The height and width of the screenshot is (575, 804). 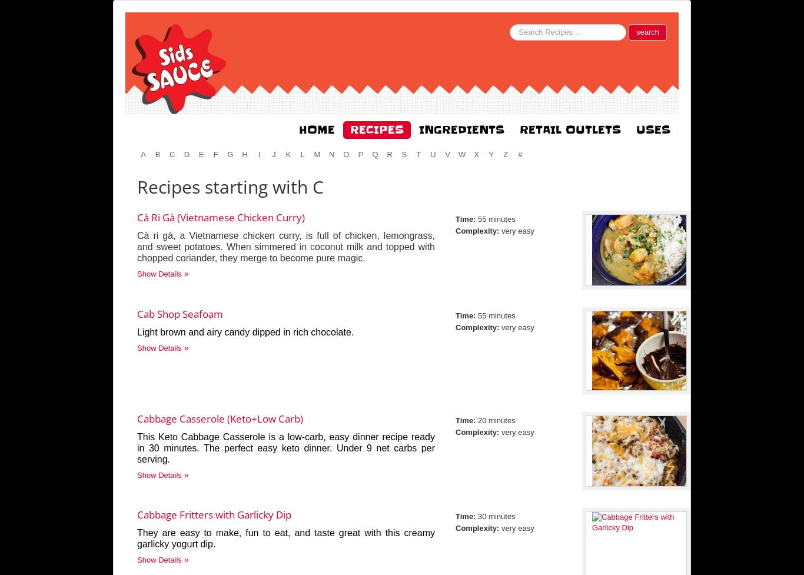 I want to click on 'f', so click(x=214, y=154).